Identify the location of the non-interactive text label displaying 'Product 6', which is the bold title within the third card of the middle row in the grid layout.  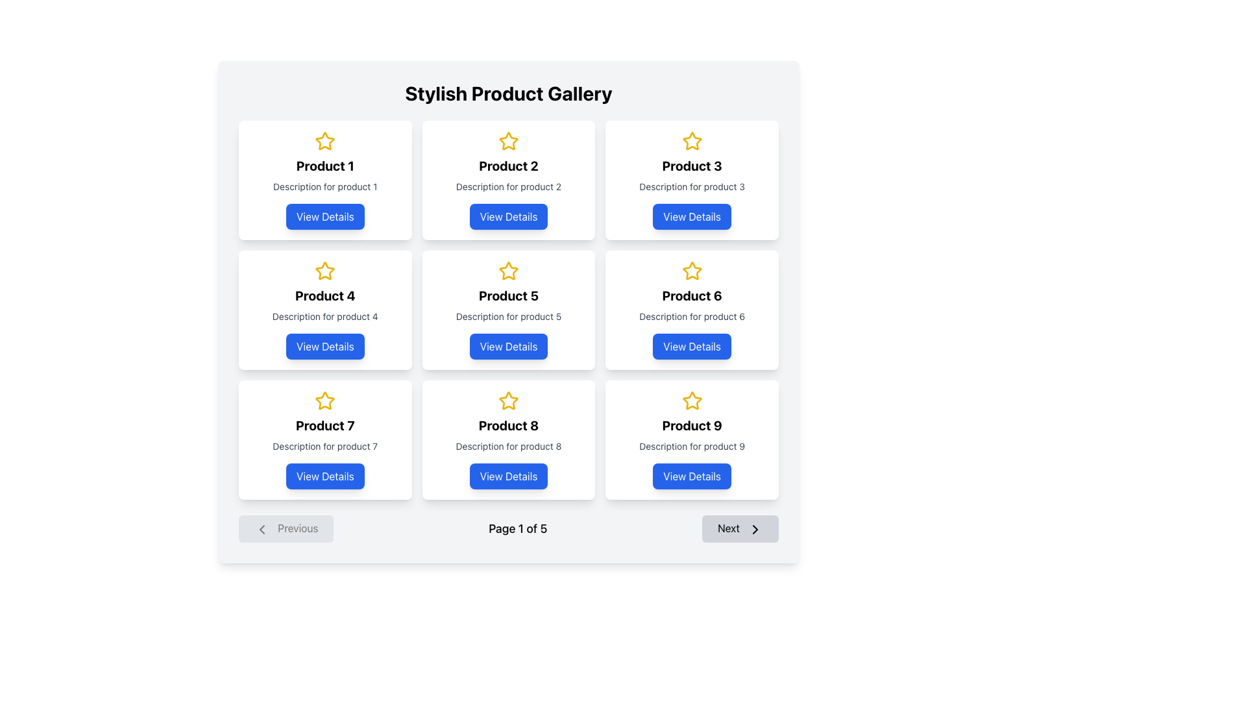
(691, 295).